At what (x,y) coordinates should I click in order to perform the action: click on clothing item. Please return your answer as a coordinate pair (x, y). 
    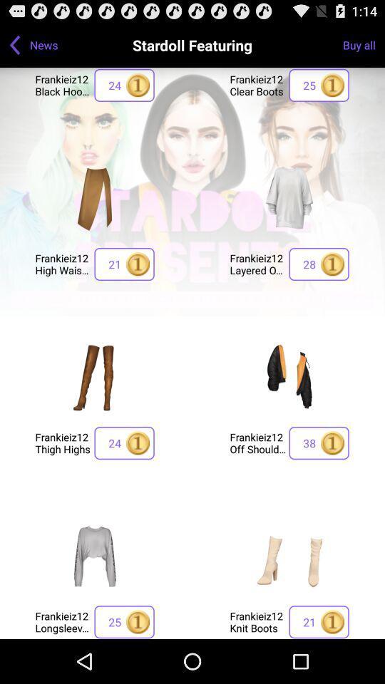
    Looking at the image, I should click on (289, 197).